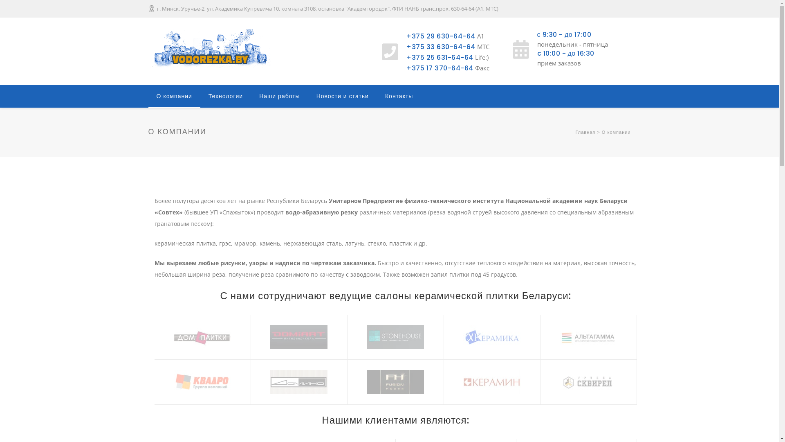  Describe the element at coordinates (406, 57) in the screenshot. I see `'+375 25 631-64-64'` at that location.